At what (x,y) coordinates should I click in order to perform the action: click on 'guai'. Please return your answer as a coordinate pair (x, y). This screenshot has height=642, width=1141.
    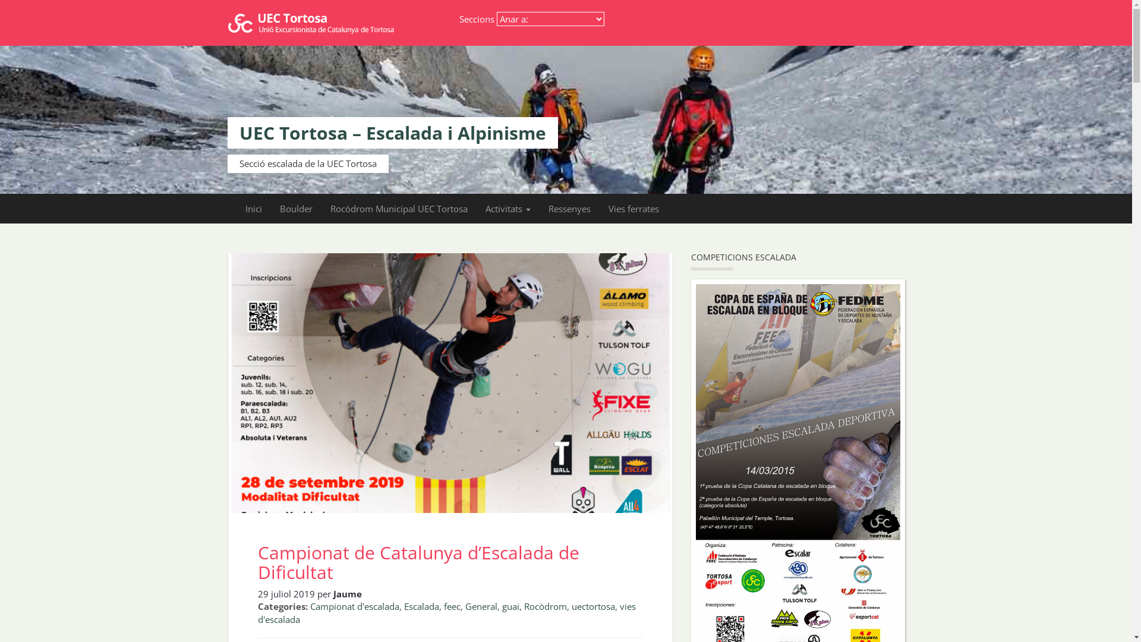
    Looking at the image, I should click on (510, 606).